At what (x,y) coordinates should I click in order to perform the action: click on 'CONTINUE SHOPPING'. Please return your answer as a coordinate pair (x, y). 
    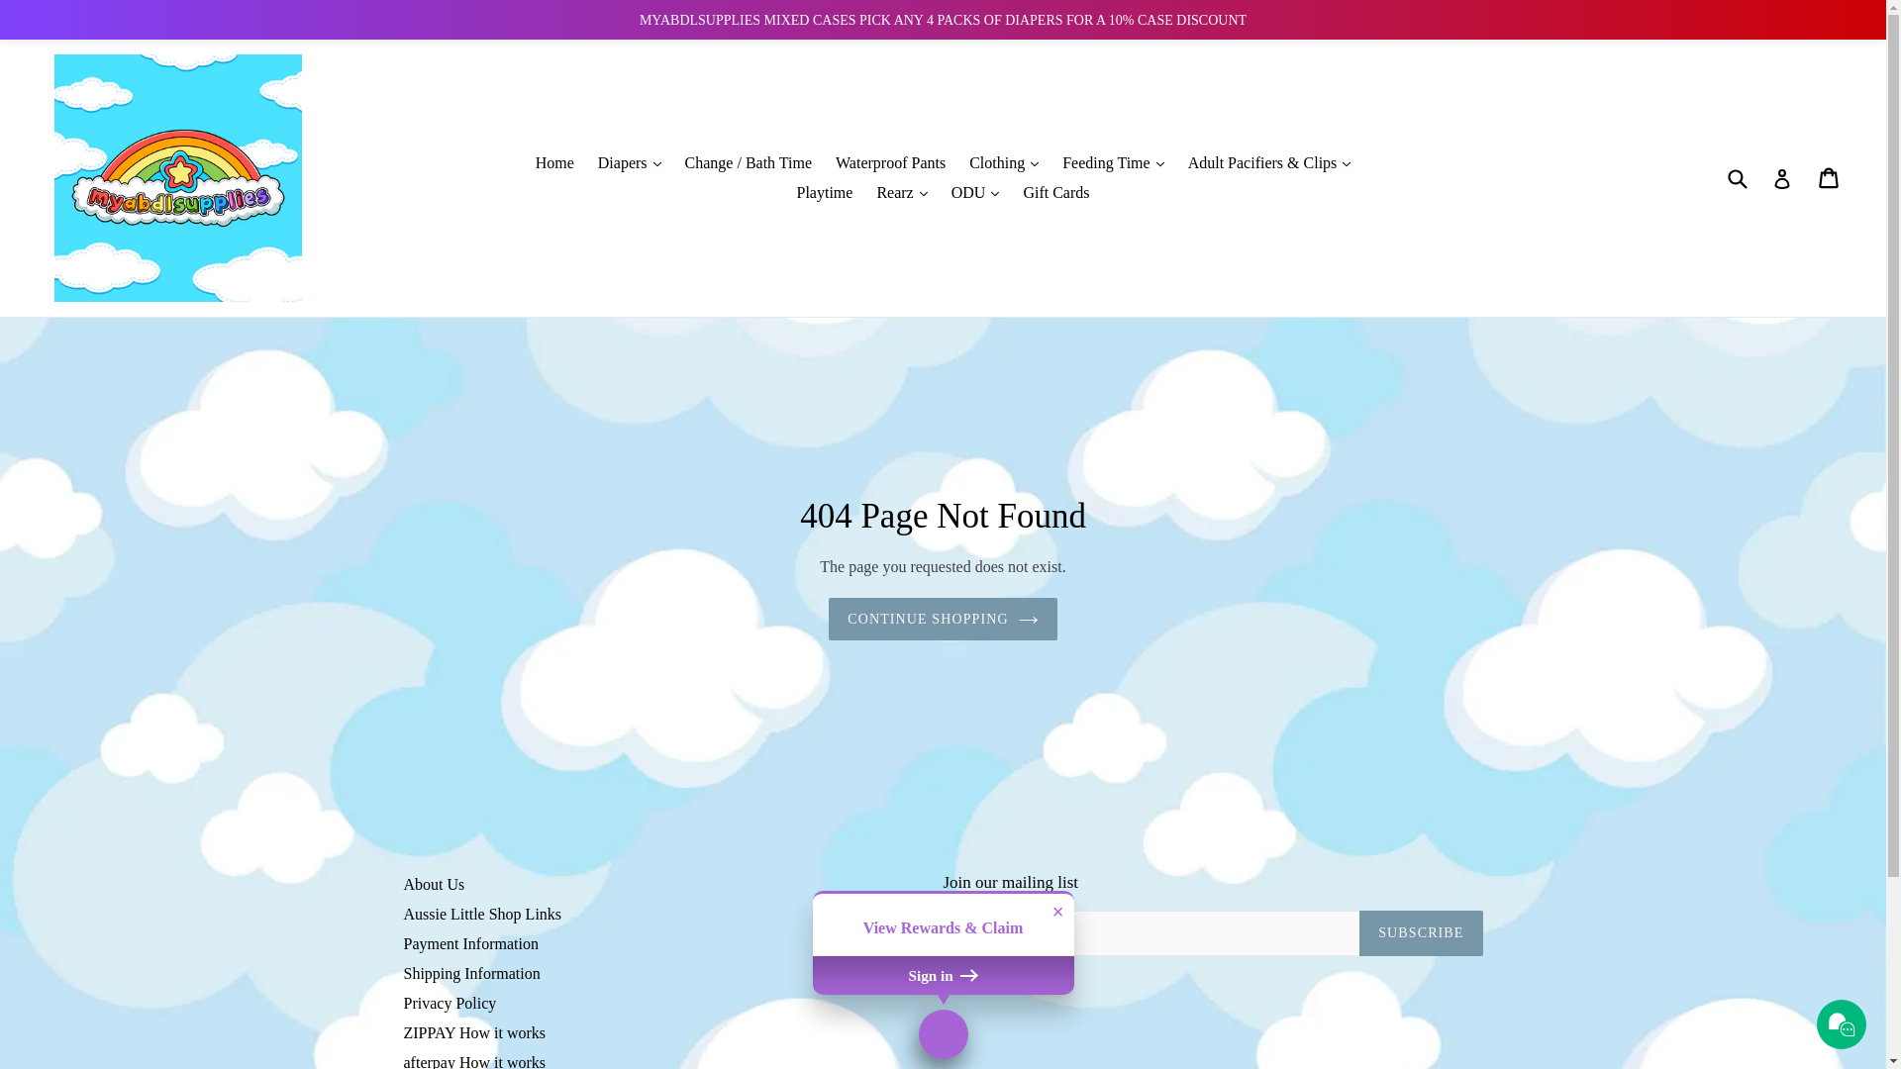
    Looking at the image, I should click on (942, 618).